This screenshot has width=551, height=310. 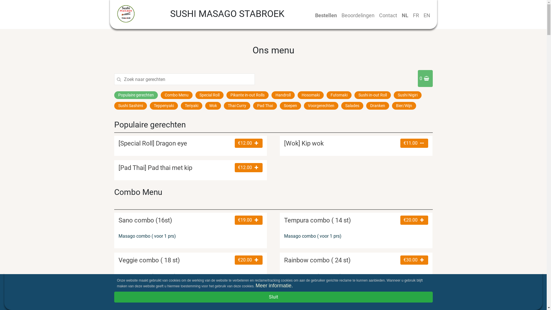 I want to click on 'Pad Thai', so click(x=253, y=106).